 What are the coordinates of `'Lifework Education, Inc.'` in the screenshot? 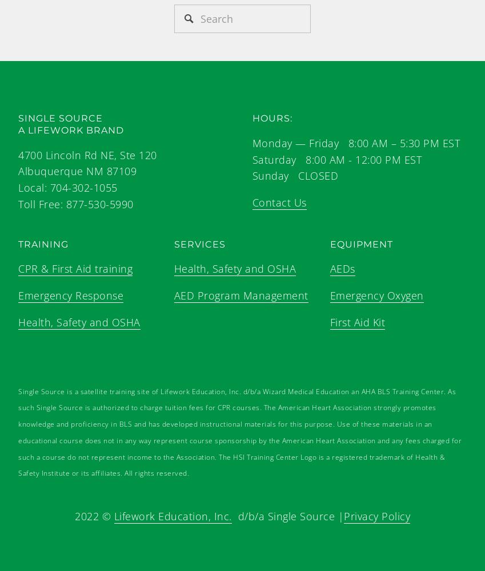 It's located at (171, 516).